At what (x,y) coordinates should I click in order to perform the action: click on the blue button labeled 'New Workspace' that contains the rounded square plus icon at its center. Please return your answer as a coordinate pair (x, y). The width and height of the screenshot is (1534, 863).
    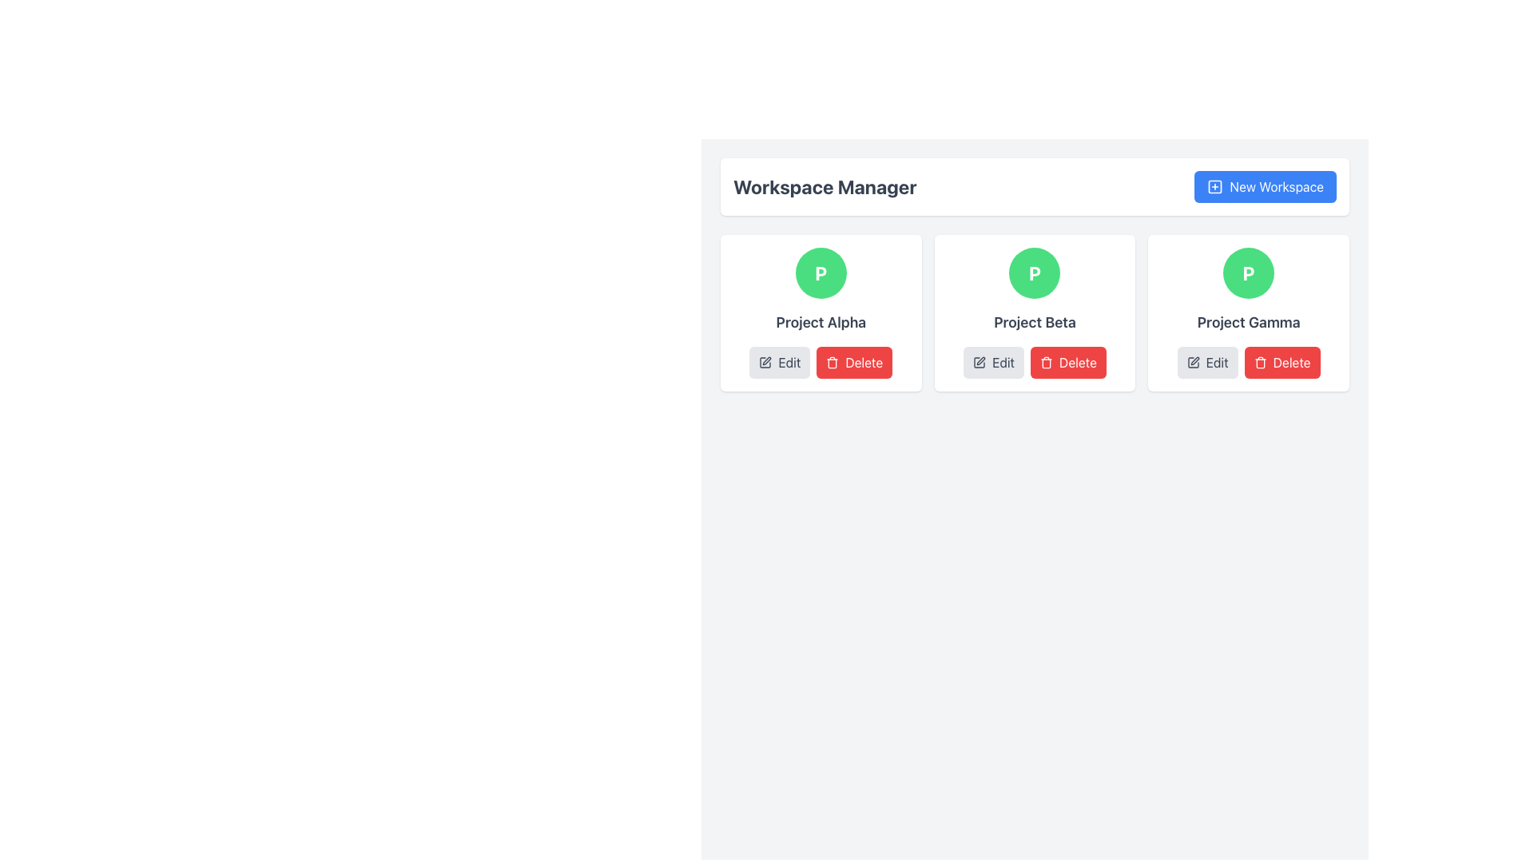
    Looking at the image, I should click on (1214, 186).